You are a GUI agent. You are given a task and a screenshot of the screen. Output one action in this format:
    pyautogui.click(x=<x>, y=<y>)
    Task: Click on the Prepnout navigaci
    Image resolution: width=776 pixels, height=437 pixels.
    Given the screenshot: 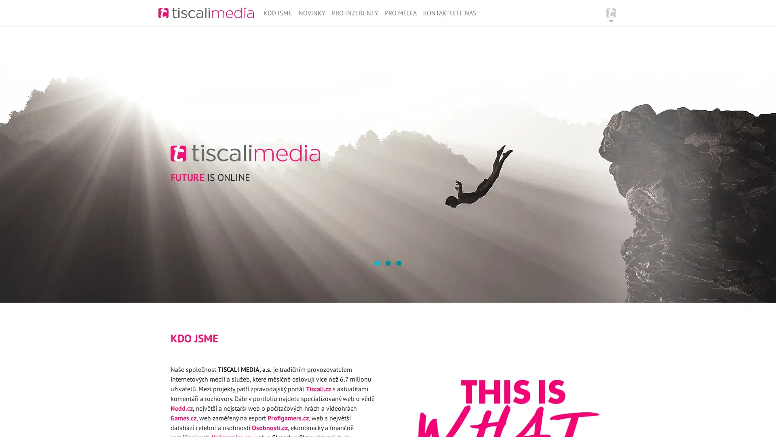 What is the action you would take?
    pyautogui.click(x=611, y=13)
    